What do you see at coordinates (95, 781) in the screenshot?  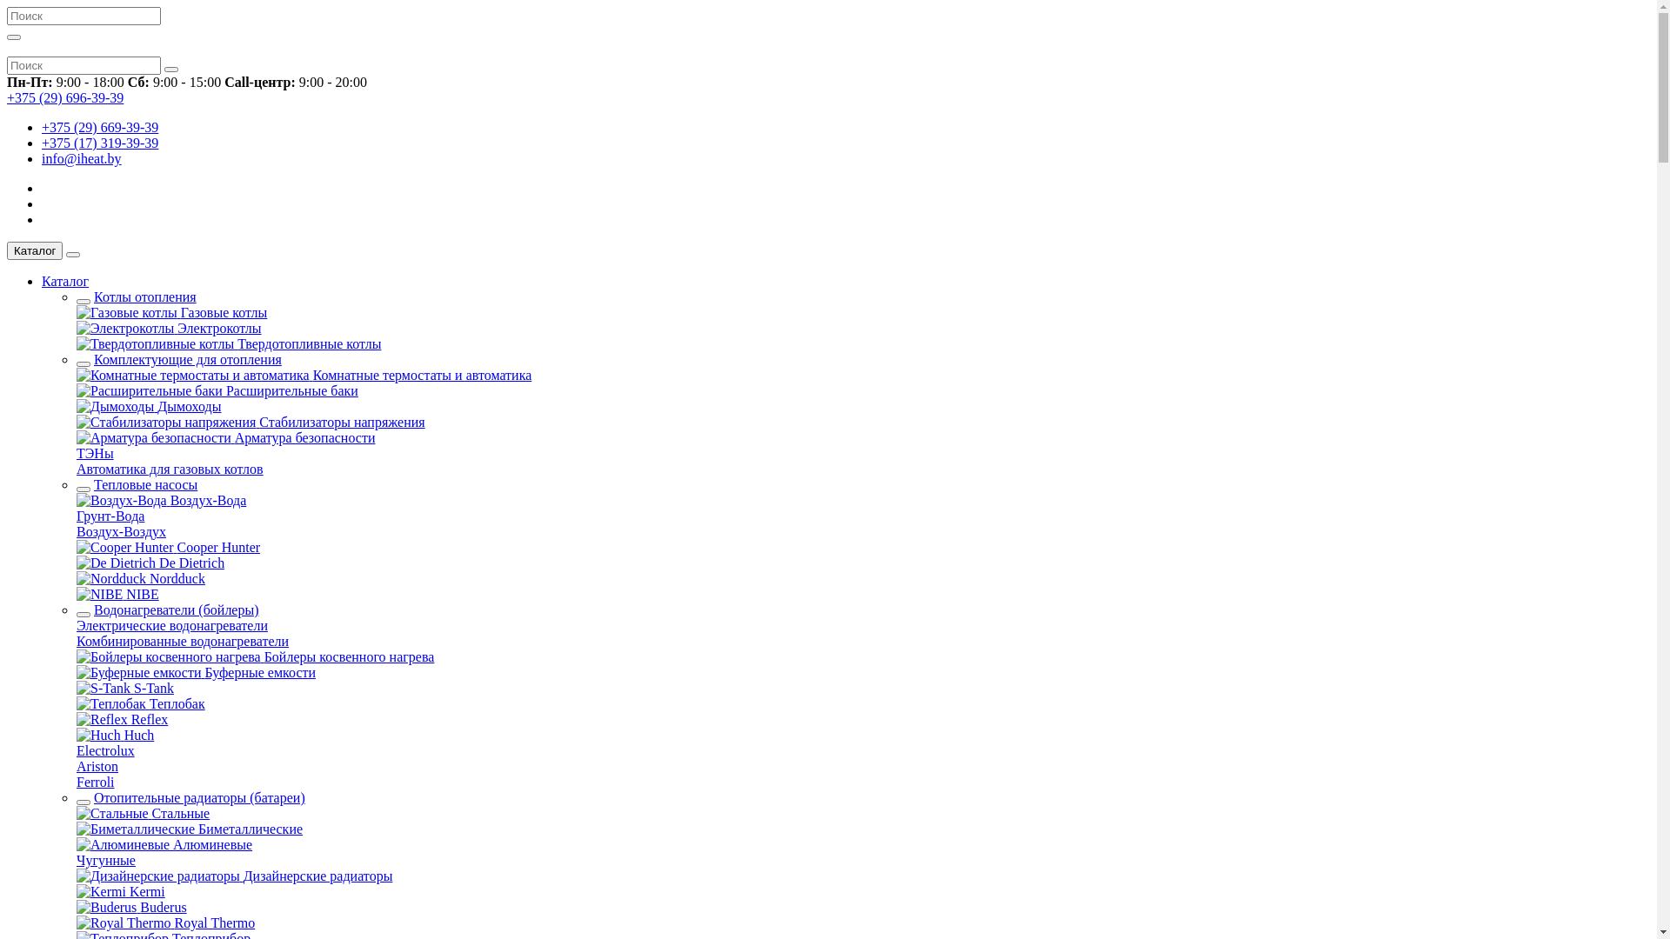 I see `'Ferroli'` at bounding box center [95, 781].